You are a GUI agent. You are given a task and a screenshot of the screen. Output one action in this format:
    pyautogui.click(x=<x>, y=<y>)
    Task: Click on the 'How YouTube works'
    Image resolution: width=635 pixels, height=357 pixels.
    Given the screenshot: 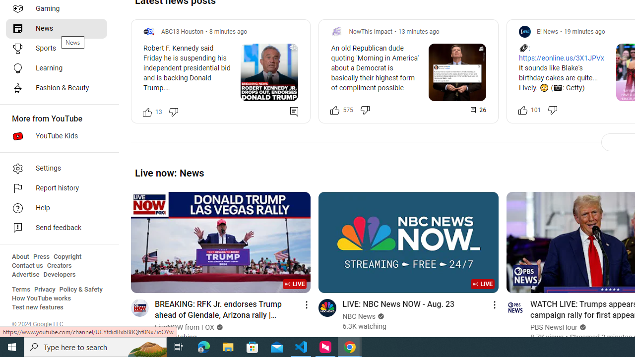 What is the action you would take?
    pyautogui.click(x=41, y=298)
    